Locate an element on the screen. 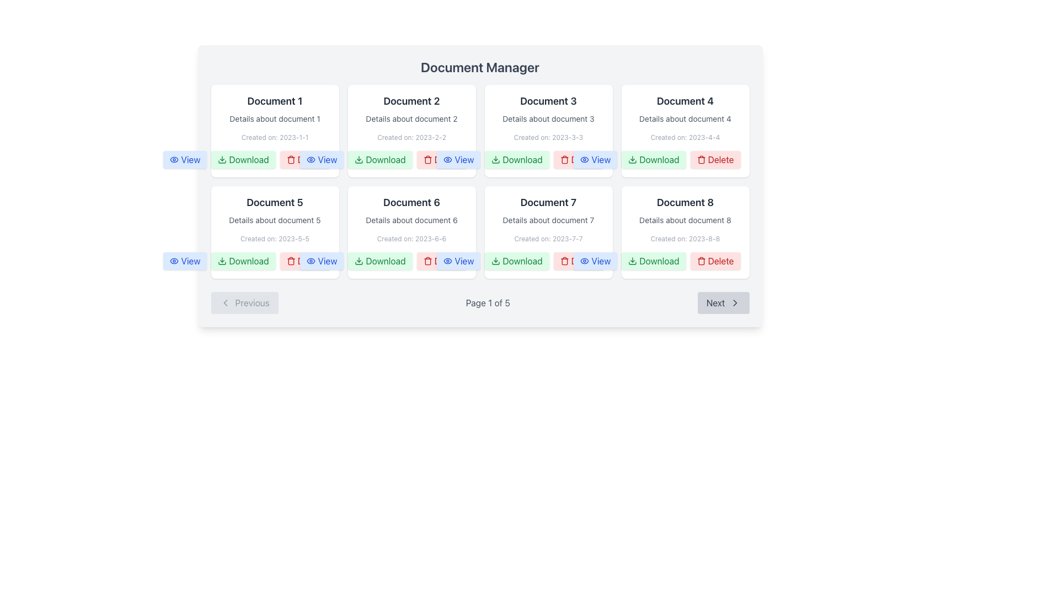  the red 'Delete' button located in the footer area of the card labeled 'Document 5' for keyboard interaction is located at coordinates (304, 261).